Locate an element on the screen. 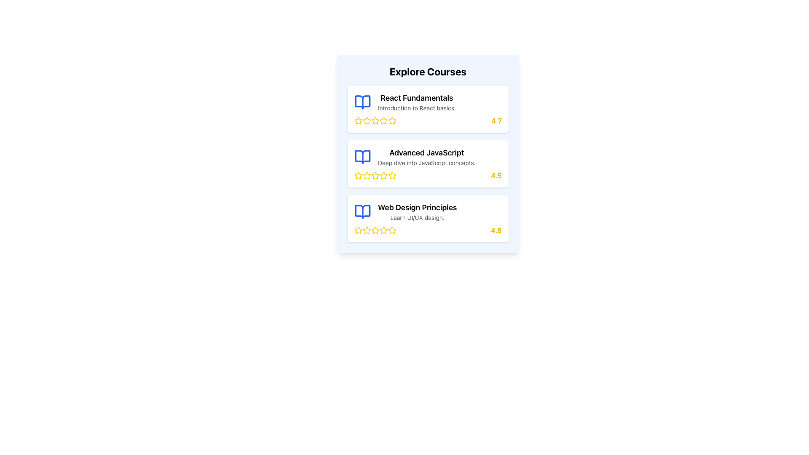 Image resolution: width=809 pixels, height=455 pixels. the text and icon element that presents the title and description of the course labeled 'Web Design Principles' is located at coordinates (428, 211).